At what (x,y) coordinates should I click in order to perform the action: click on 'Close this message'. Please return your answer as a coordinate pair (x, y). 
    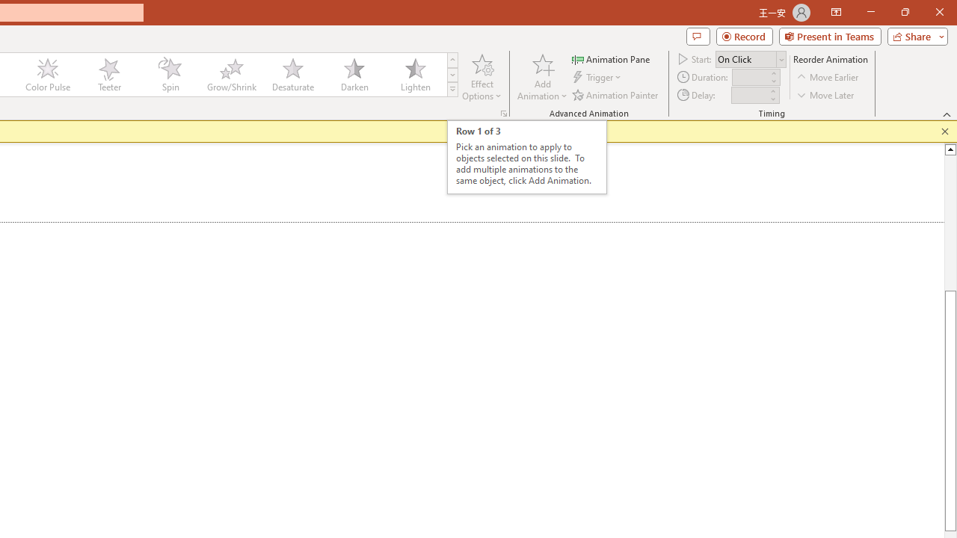
    Looking at the image, I should click on (944, 131).